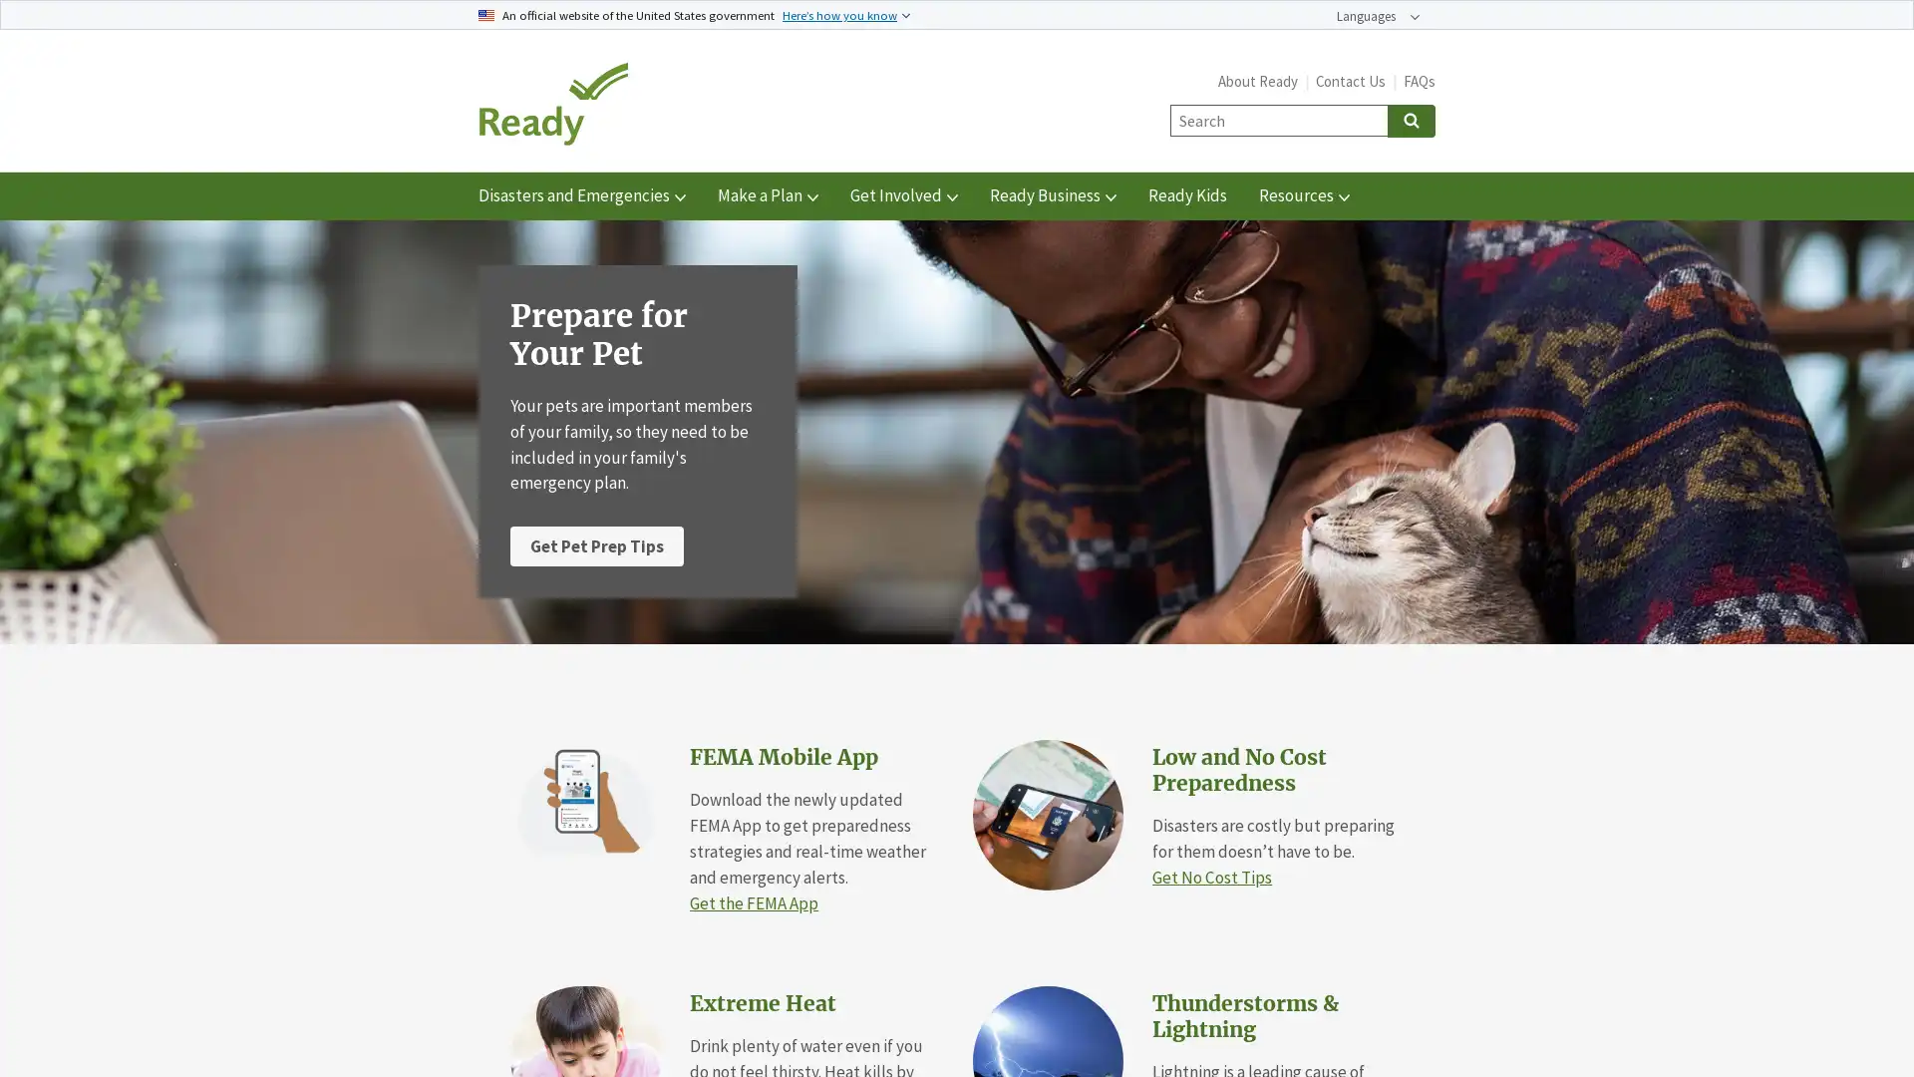 Image resolution: width=1914 pixels, height=1077 pixels. I want to click on Ready Business, so click(1052, 195).